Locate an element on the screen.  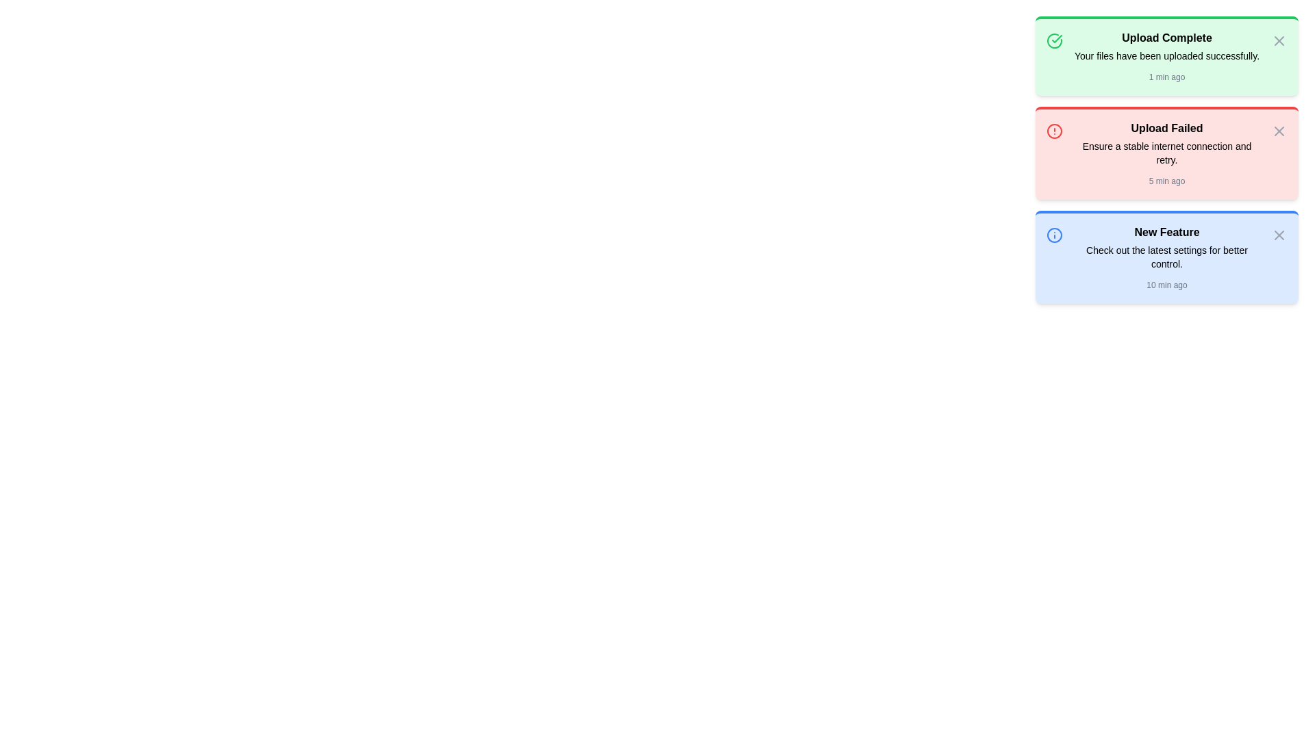
the static text element that informs users about successful file uploads, located in the green notification at the top of the message list is located at coordinates (1166, 55).